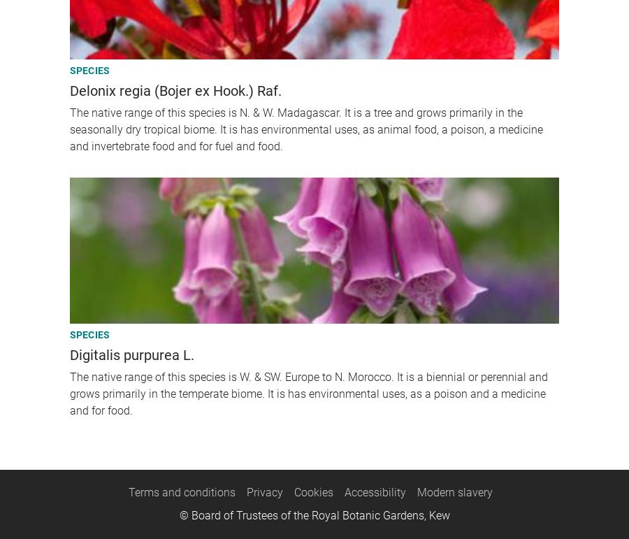 Image resolution: width=629 pixels, height=539 pixels. Describe the element at coordinates (294, 491) in the screenshot. I see `'Cookies'` at that location.